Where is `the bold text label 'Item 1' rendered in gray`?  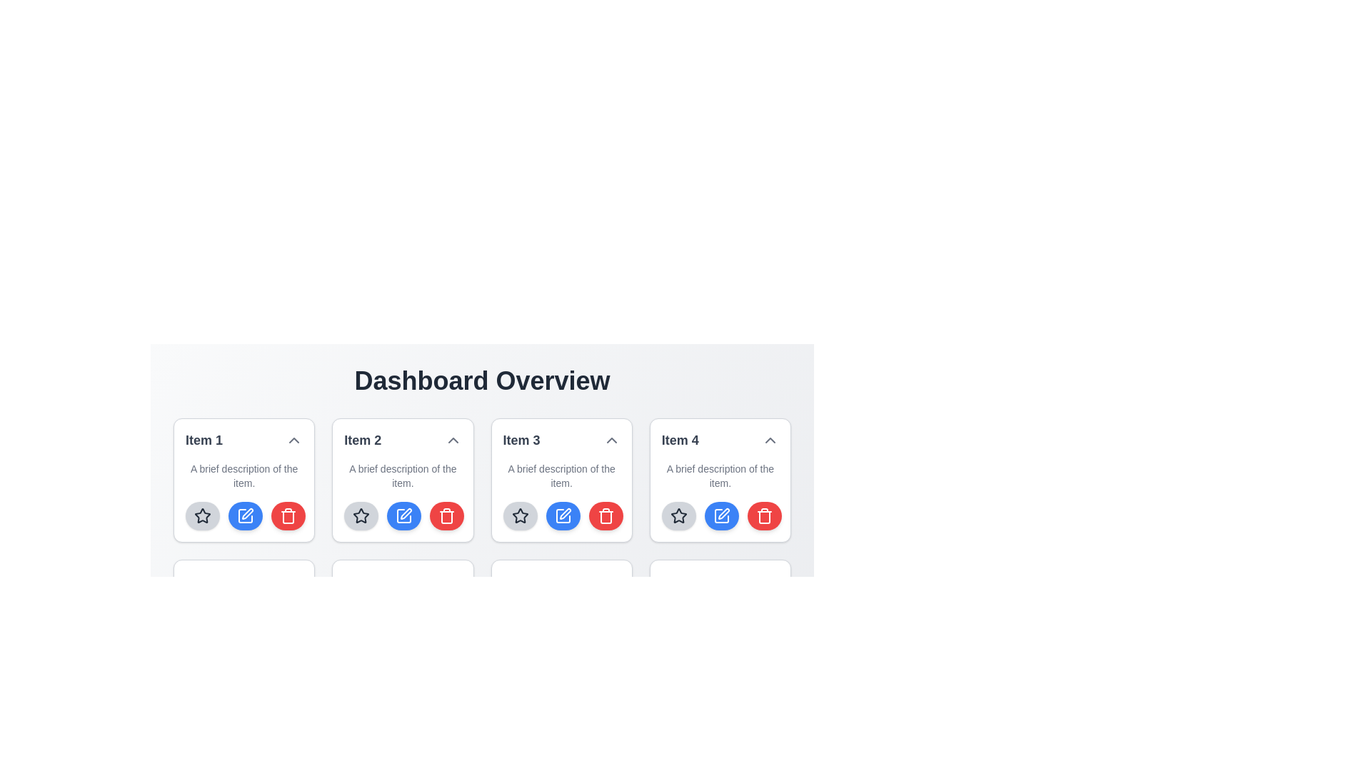 the bold text label 'Item 1' rendered in gray is located at coordinates (204, 440).